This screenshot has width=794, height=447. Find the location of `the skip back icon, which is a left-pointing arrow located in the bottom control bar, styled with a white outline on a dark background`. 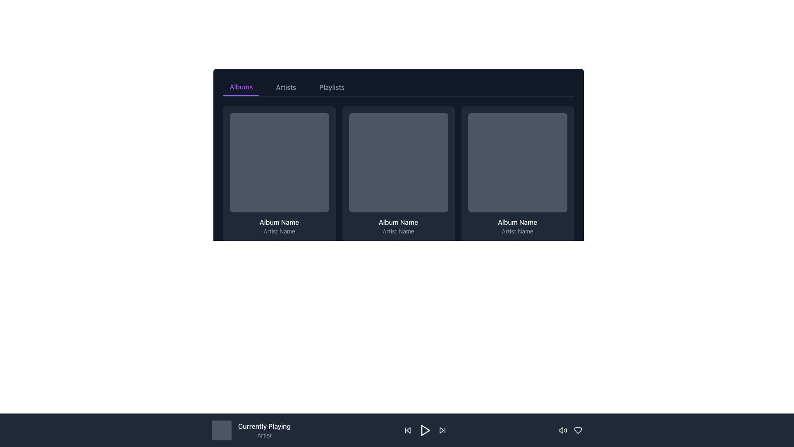

the skip back icon, which is a left-pointing arrow located in the bottom control bar, styled with a white outline on a dark background is located at coordinates (407, 430).